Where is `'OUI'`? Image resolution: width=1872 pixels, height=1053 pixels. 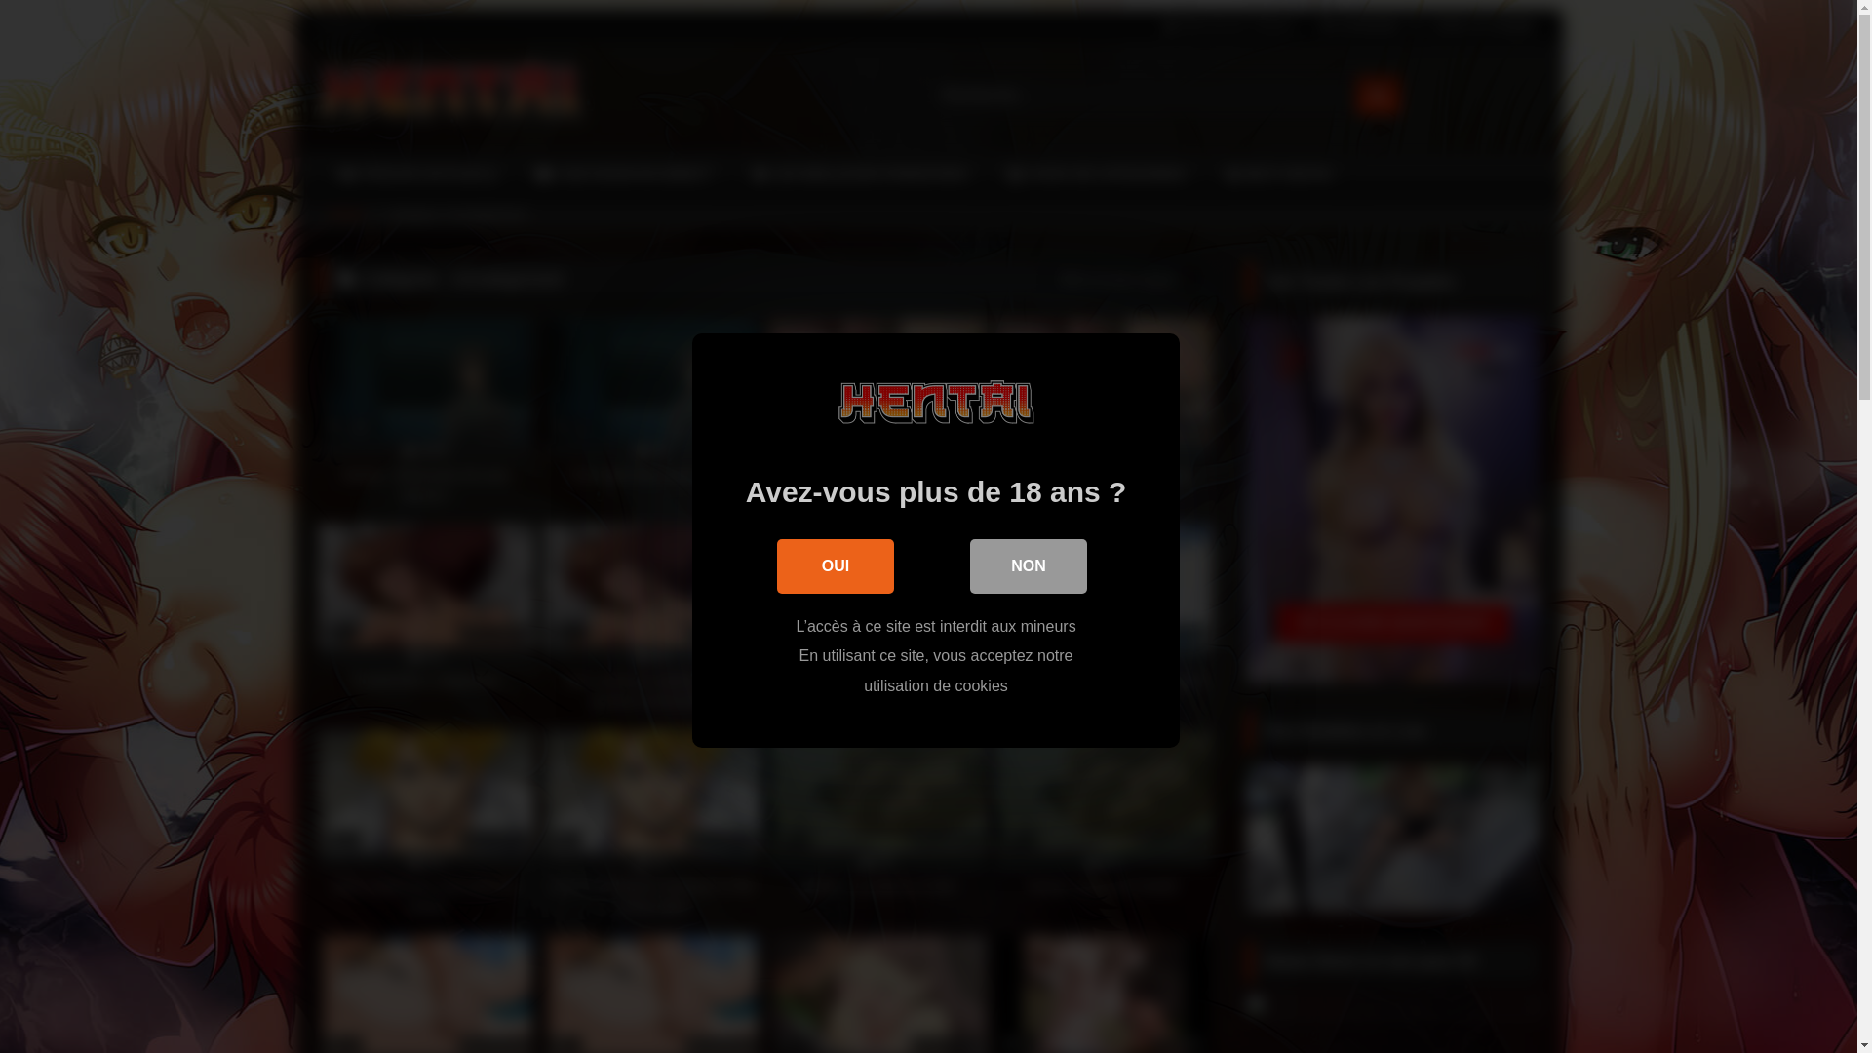
'OUI' is located at coordinates (836, 566).